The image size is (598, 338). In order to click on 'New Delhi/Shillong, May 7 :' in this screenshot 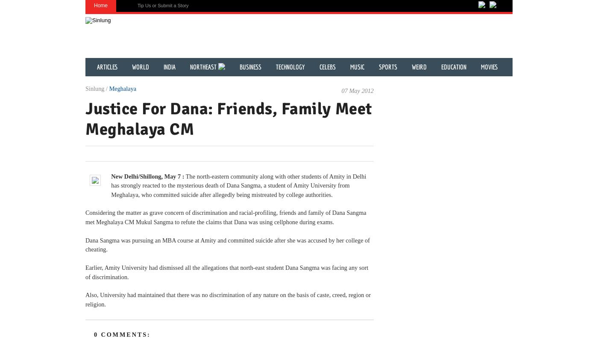, I will do `click(147, 176)`.